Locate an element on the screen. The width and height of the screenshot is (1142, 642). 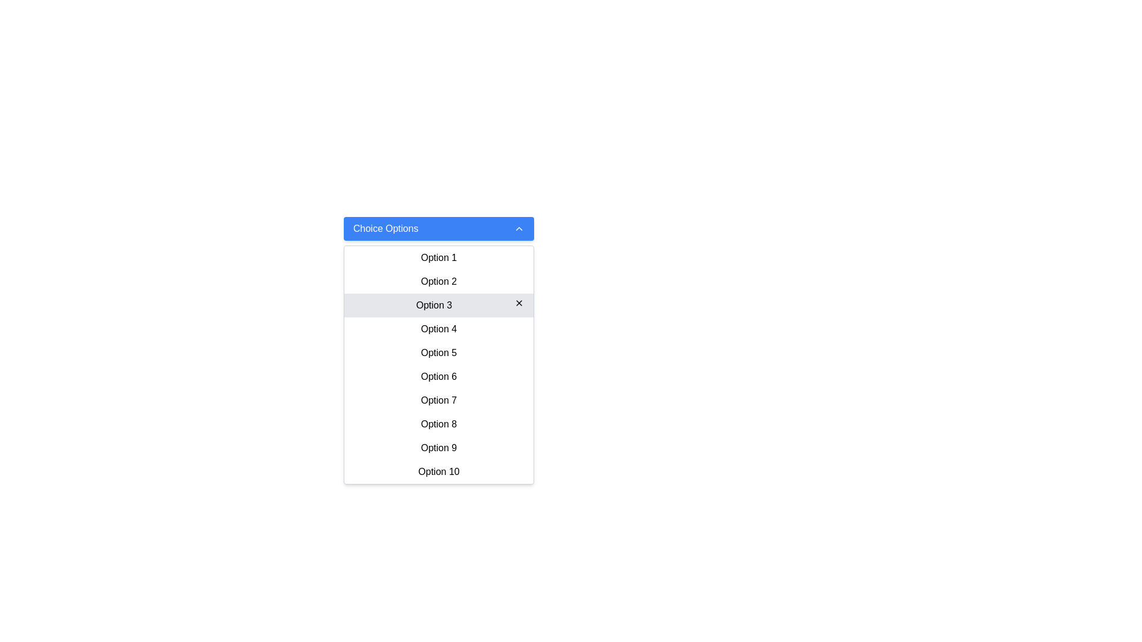
the dropdown menu labeled 'Choice Options' is located at coordinates (438, 241).